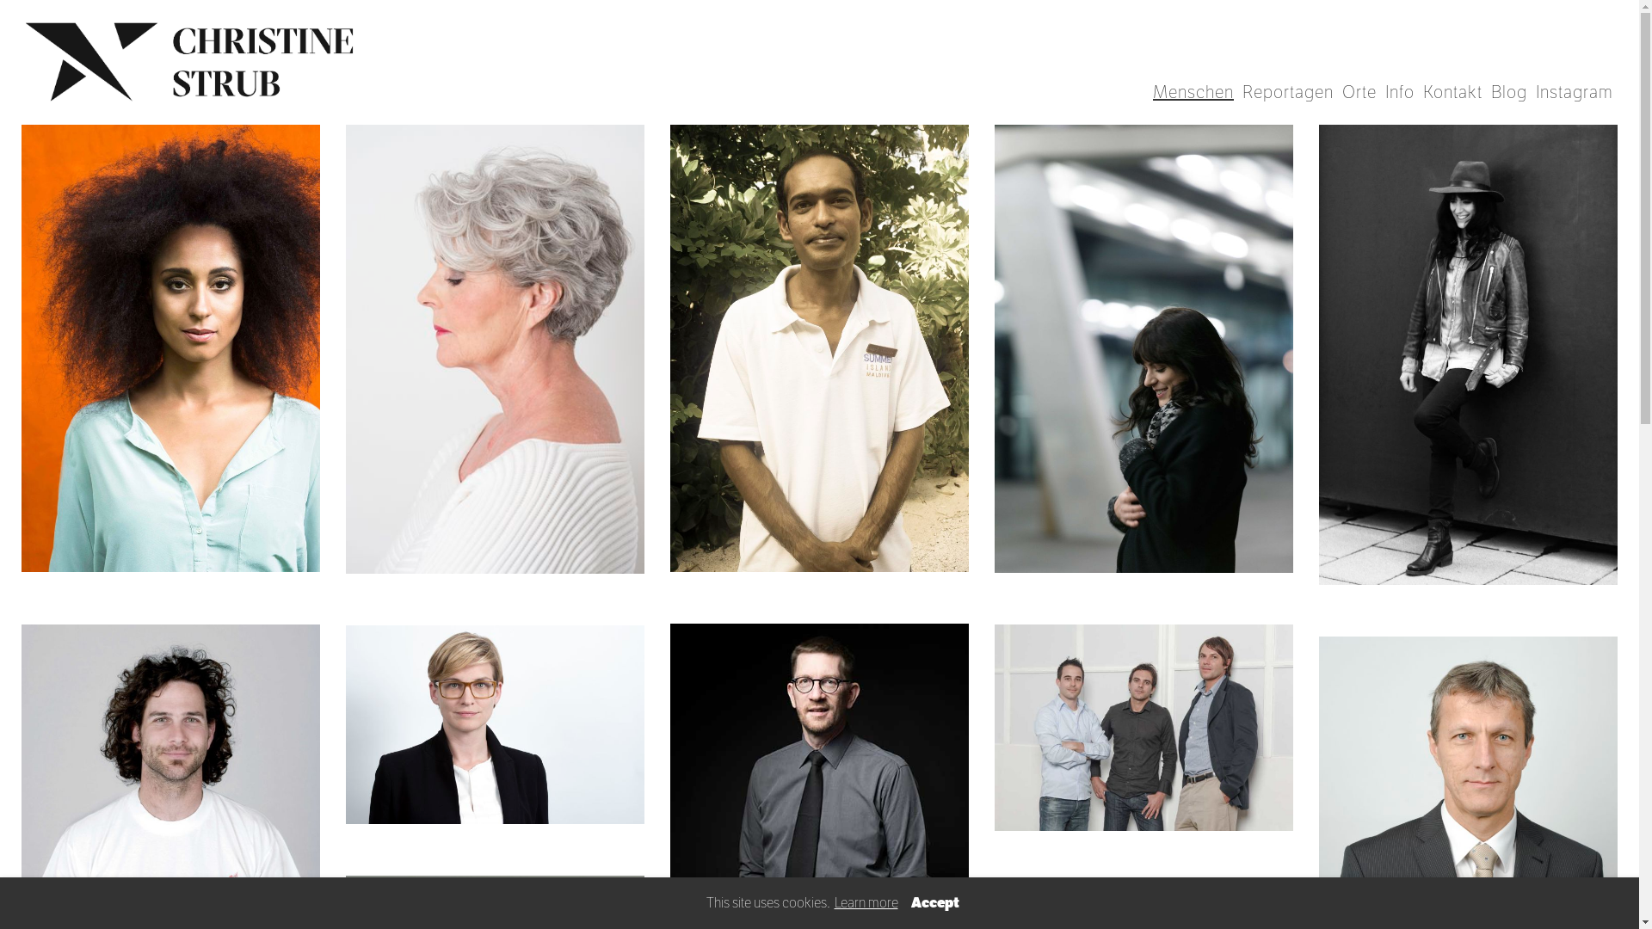 Image resolution: width=1652 pixels, height=929 pixels. What do you see at coordinates (1507, 92) in the screenshot?
I see `'Blog'` at bounding box center [1507, 92].